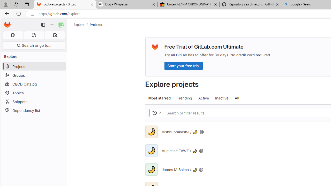  What do you see at coordinates (34, 92) in the screenshot?
I see `'Topics'` at bounding box center [34, 92].